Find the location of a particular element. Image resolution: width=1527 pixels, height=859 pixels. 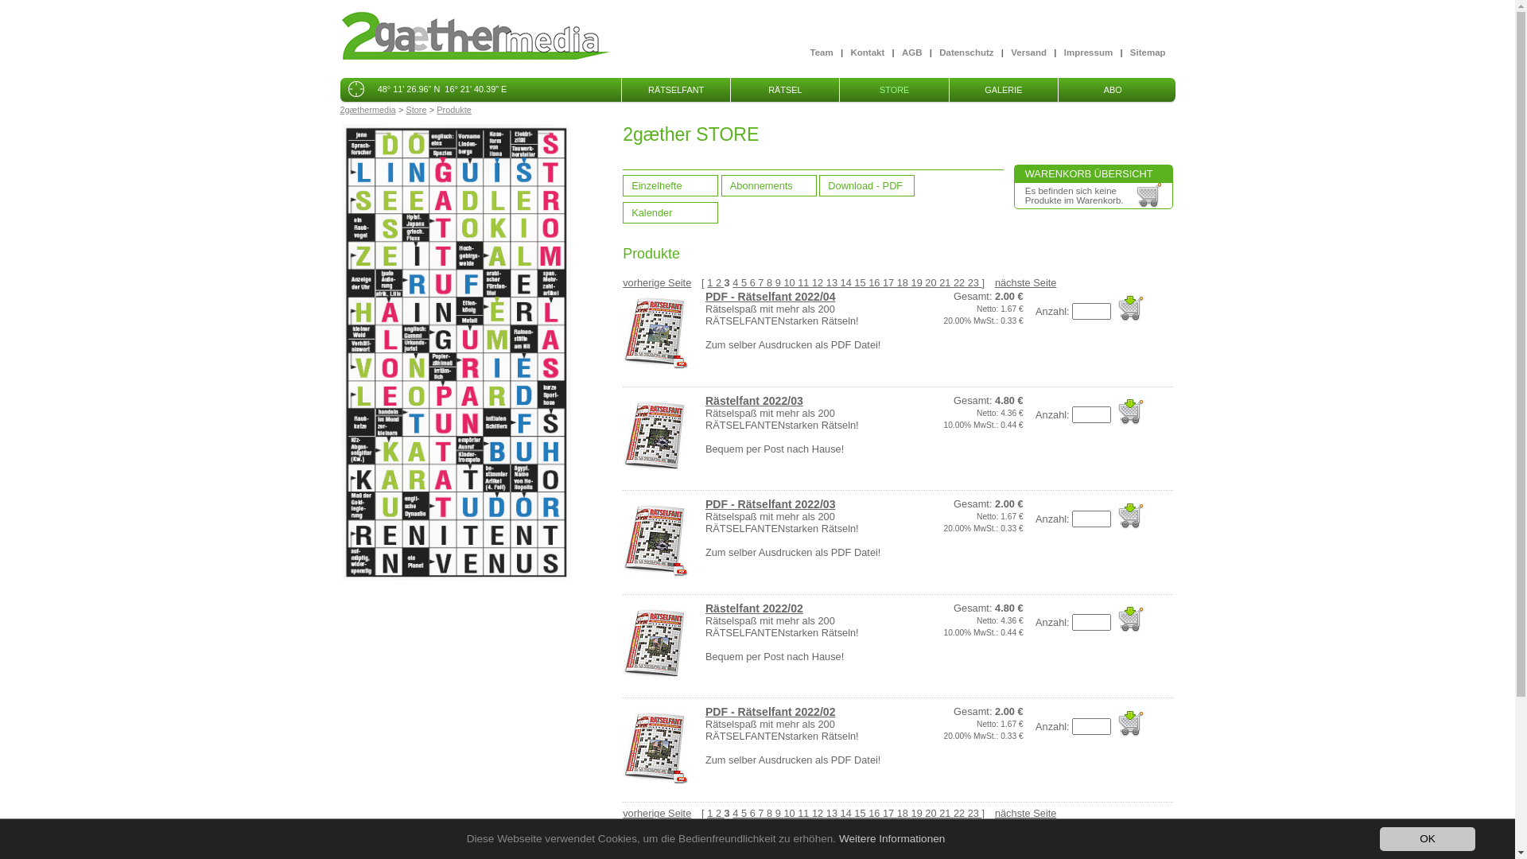

'10' is located at coordinates (790, 282).